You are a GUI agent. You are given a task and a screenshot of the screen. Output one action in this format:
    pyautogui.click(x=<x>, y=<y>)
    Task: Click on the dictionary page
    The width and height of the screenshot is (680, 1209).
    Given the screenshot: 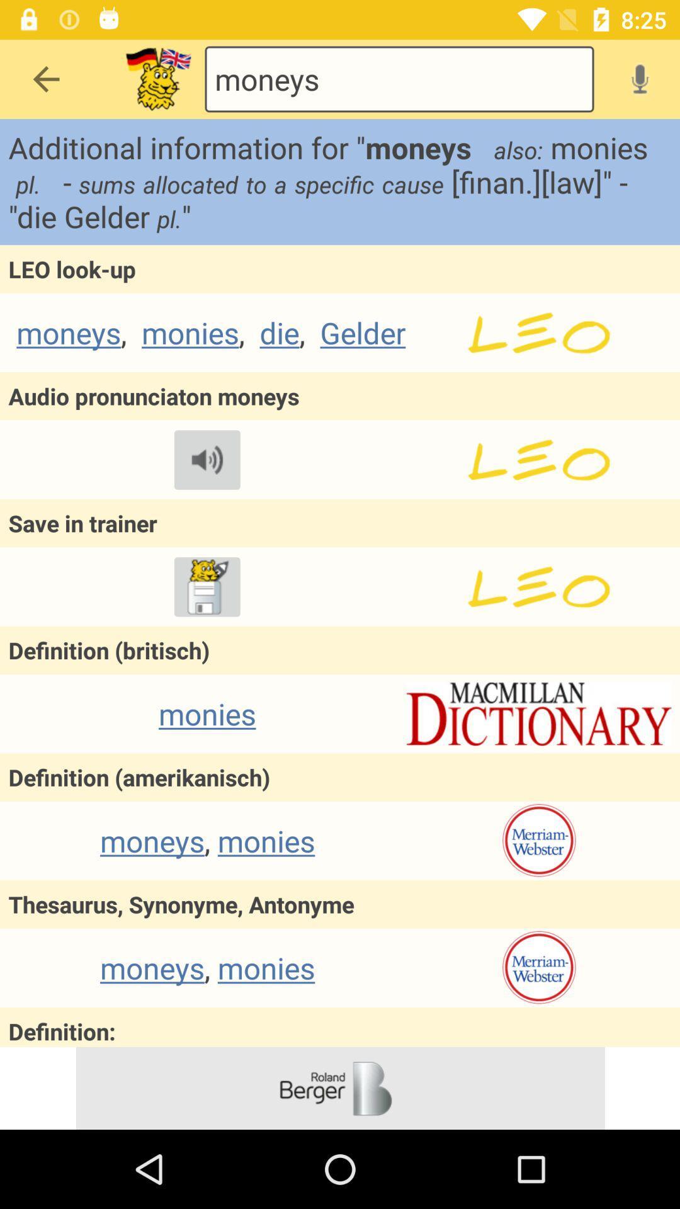 What is the action you would take?
    pyautogui.click(x=538, y=713)
    